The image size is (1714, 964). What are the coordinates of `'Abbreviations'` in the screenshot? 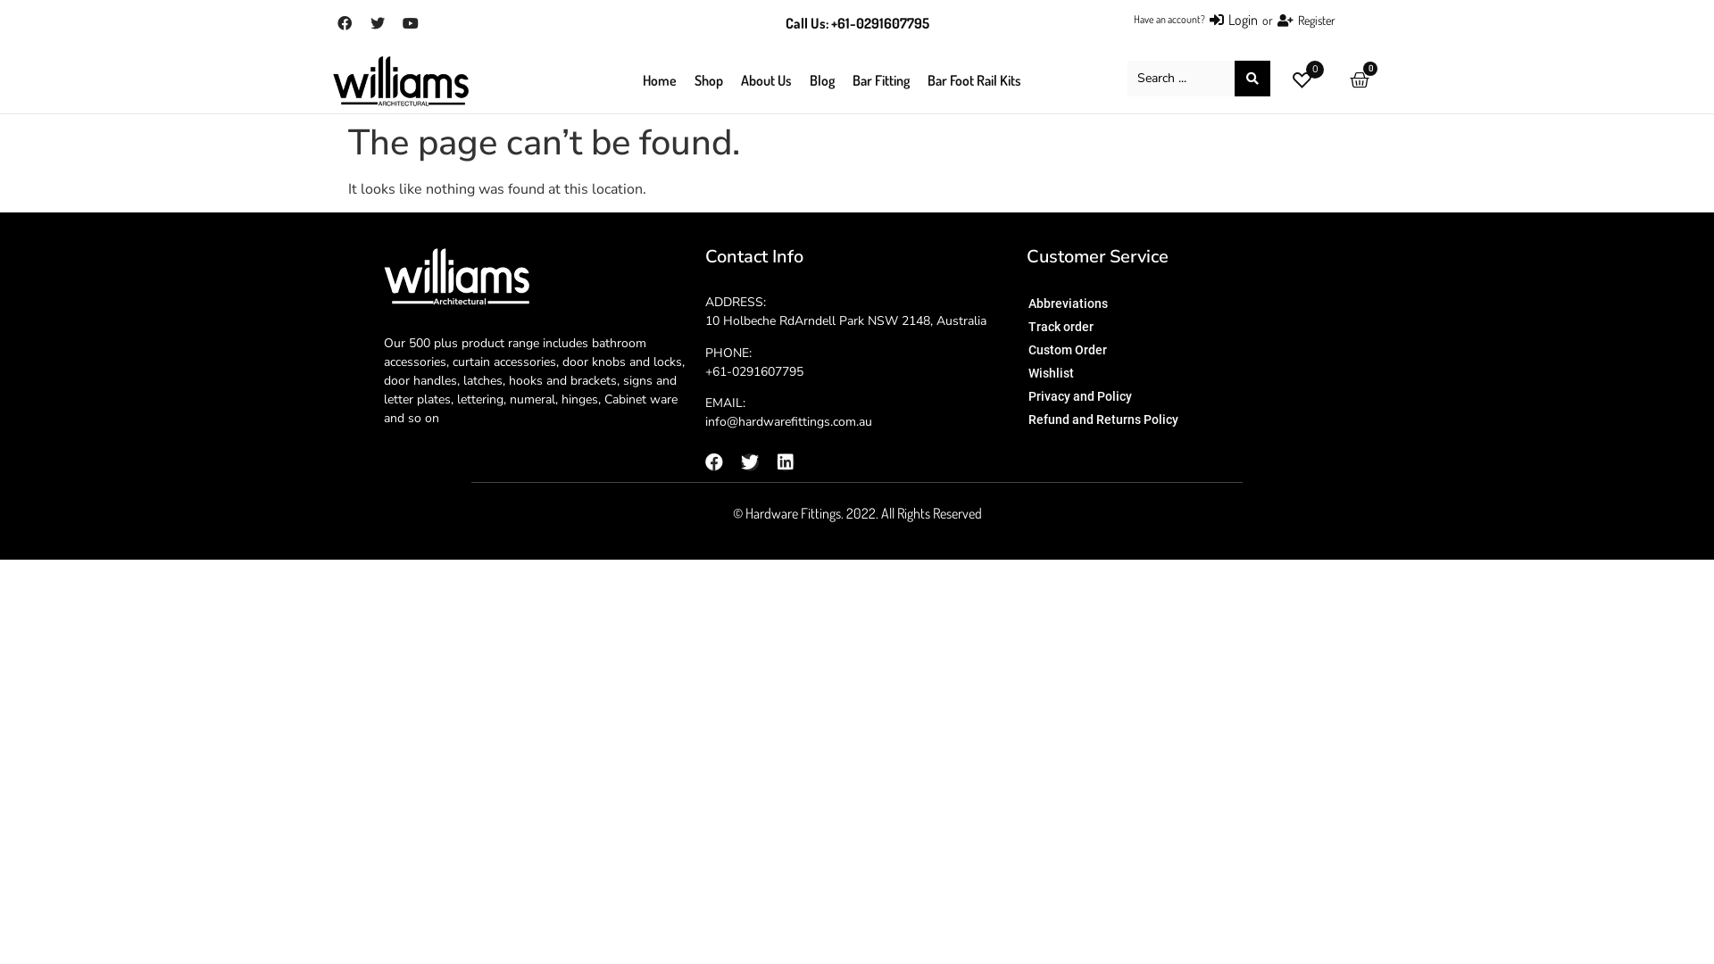 It's located at (1137, 303).